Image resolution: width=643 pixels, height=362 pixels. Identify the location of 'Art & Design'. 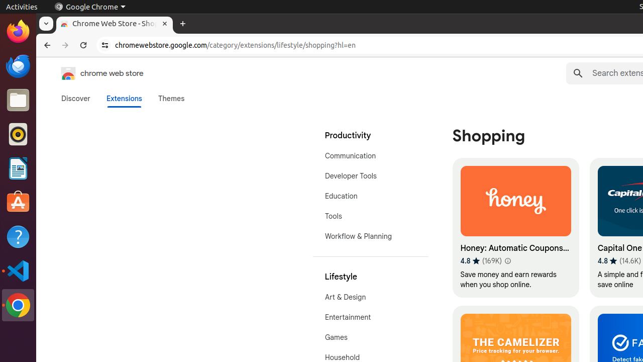
(370, 296).